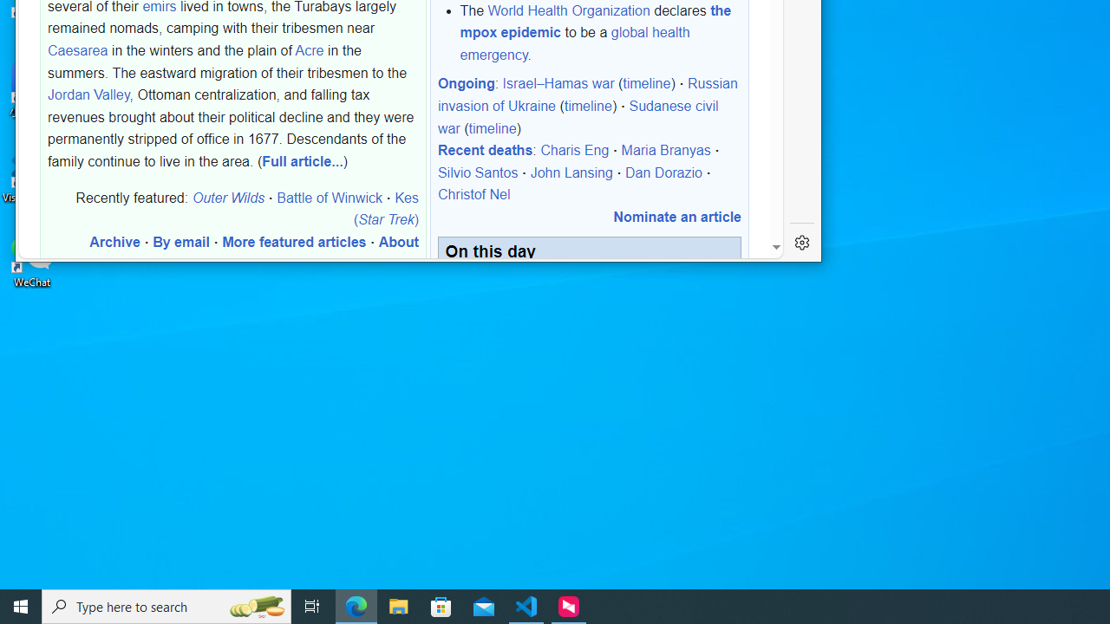 Image resolution: width=1110 pixels, height=624 pixels. I want to click on 'Sudanese civil war (timeline)', so click(578, 117).